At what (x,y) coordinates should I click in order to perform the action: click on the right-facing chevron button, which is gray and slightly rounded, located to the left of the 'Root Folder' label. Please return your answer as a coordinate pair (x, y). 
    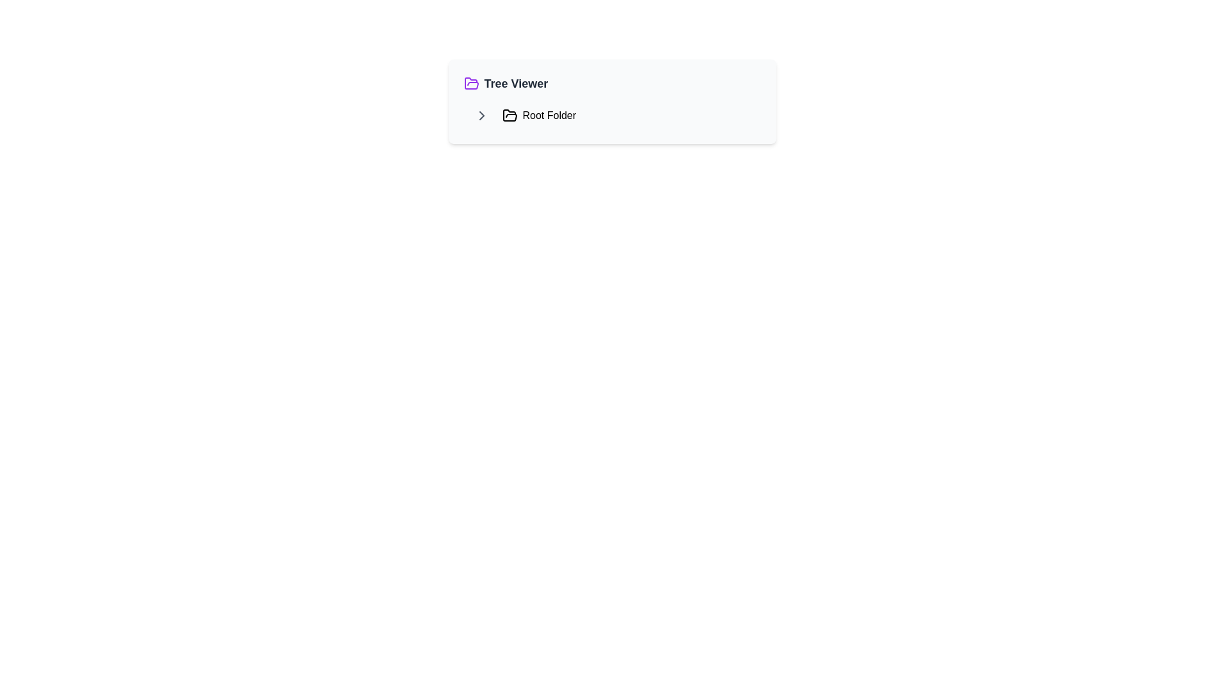
    Looking at the image, I should click on (481, 116).